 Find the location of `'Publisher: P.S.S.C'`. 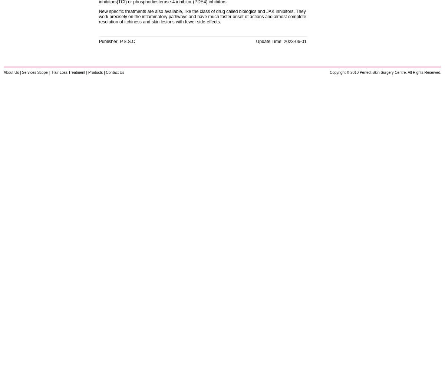

'Publisher: P.S.S.C' is located at coordinates (117, 41).